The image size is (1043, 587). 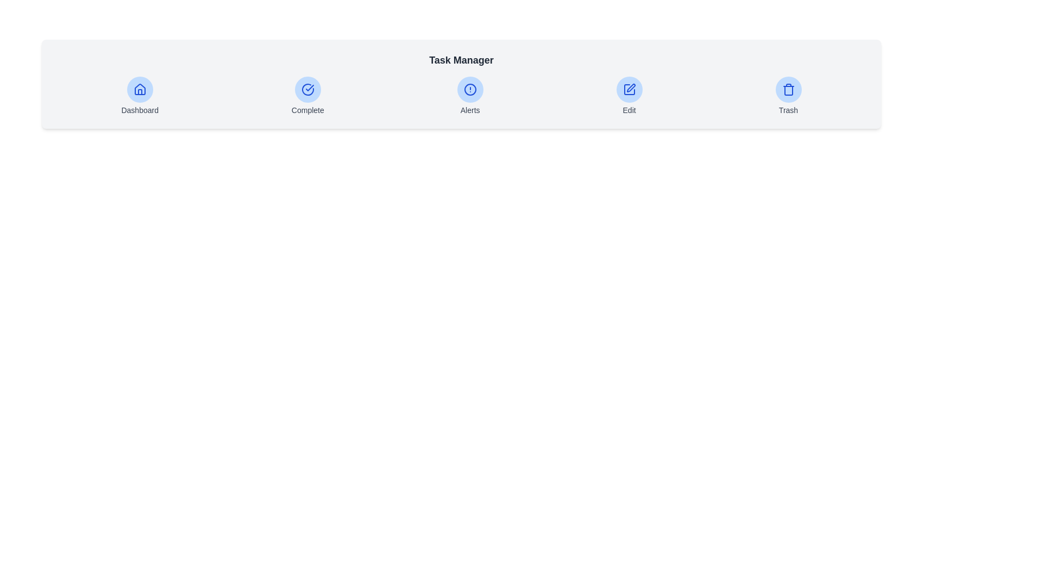 I want to click on the alert icon, a circular button with a blue outline and a vertical line and dot at its center, located in the center of the navigation bar under the 'Alerts' label, so click(x=470, y=89).